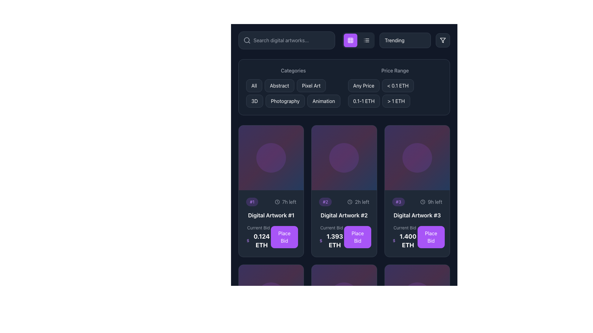  Describe the element at coordinates (366, 275) in the screenshot. I see `the heart-shaped SVG component that allows users to mark artwork as a favorite or like it, located near the bottom of the layout within the last row of artwork cards` at that location.